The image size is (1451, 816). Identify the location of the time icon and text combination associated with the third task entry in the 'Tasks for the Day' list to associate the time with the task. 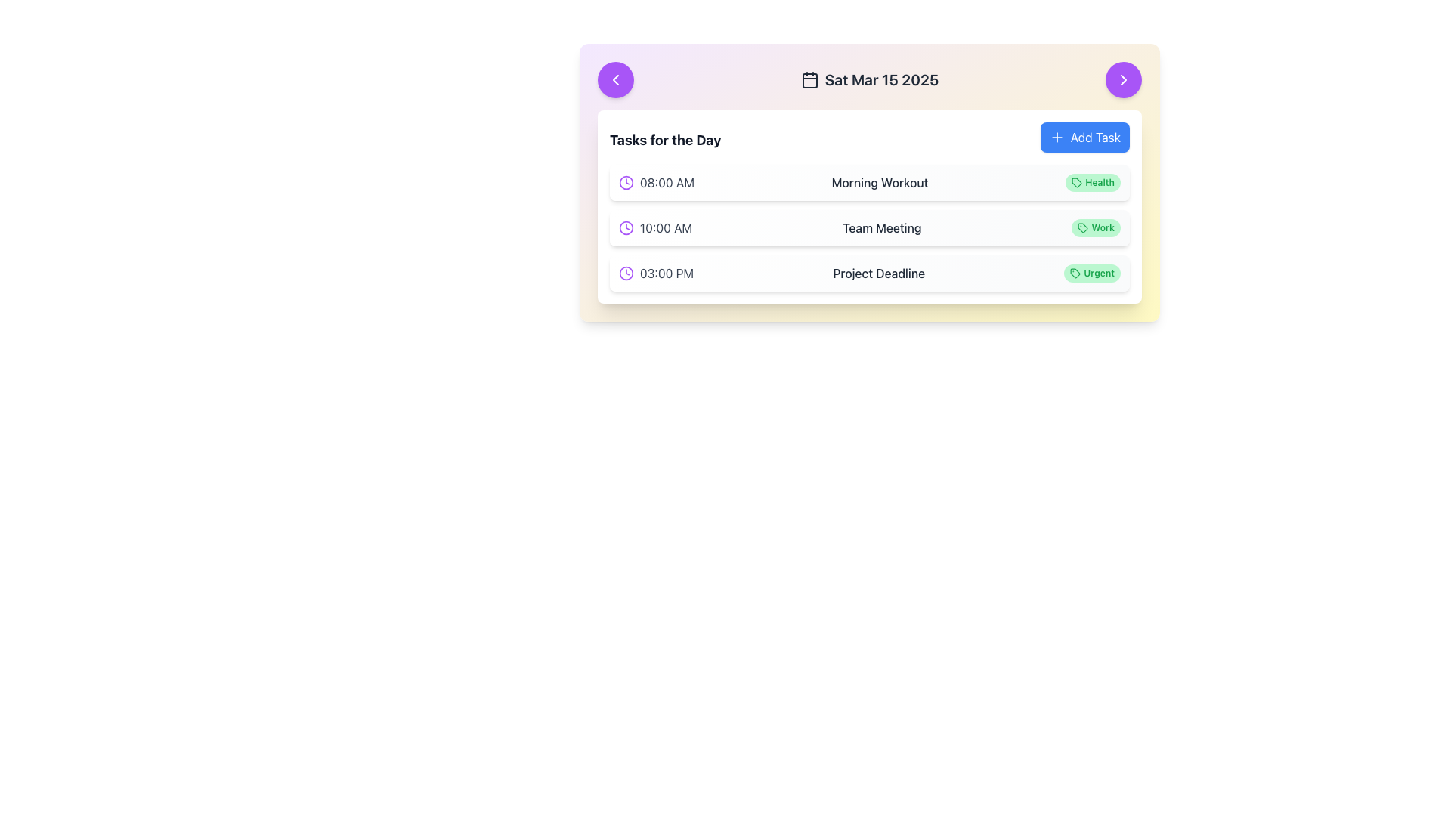
(656, 274).